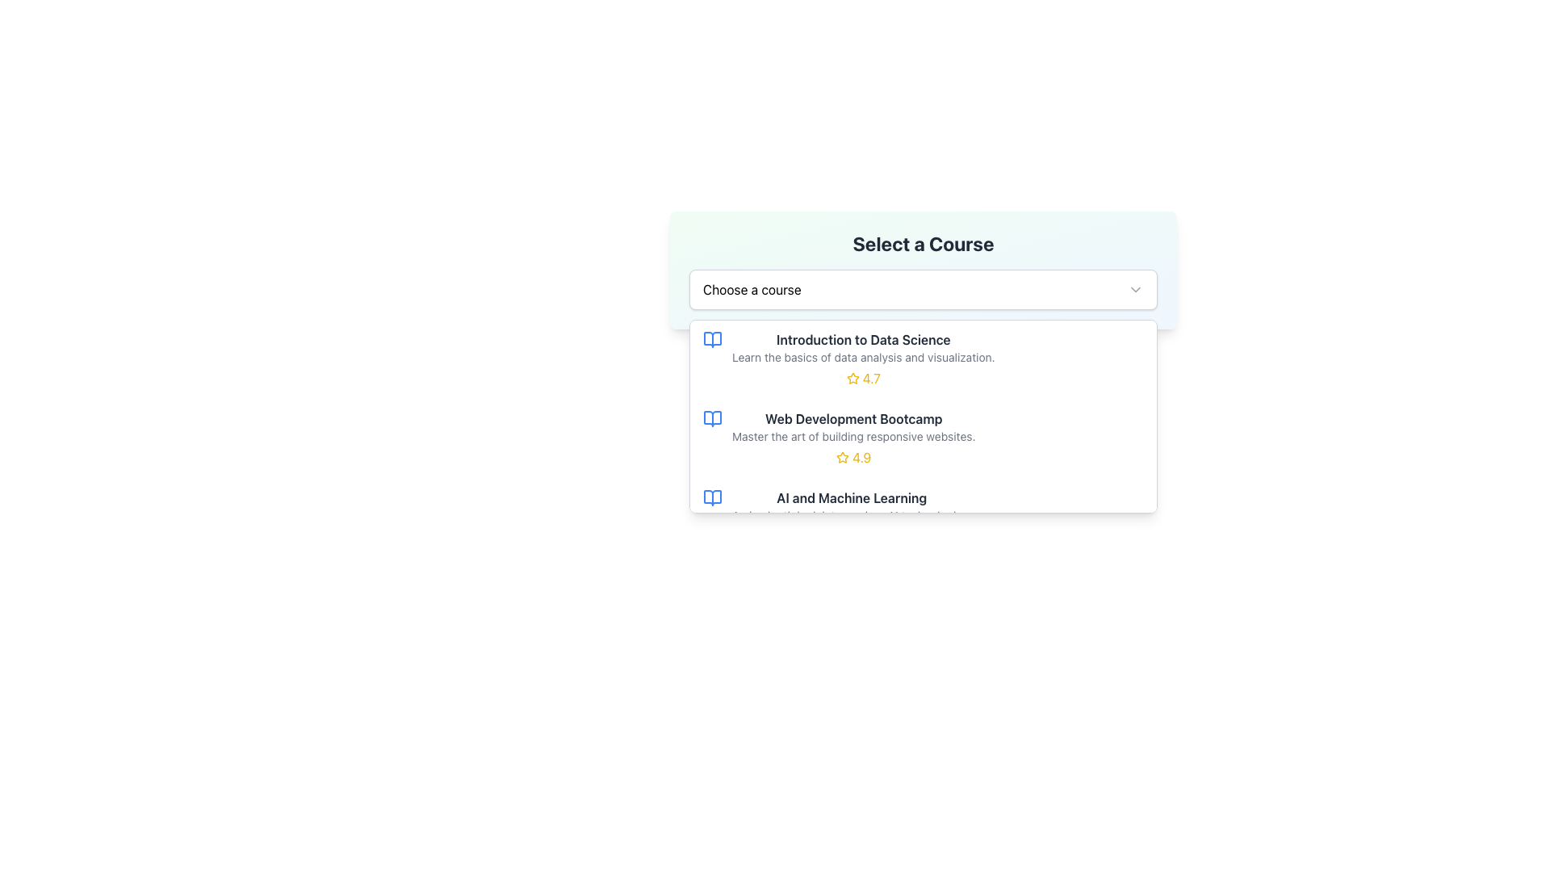  I want to click on the decorative star icon representing the rating for the 'Web Development Bootcamp' course, which is located to the left of the numeric value '4.9', so click(842, 458).